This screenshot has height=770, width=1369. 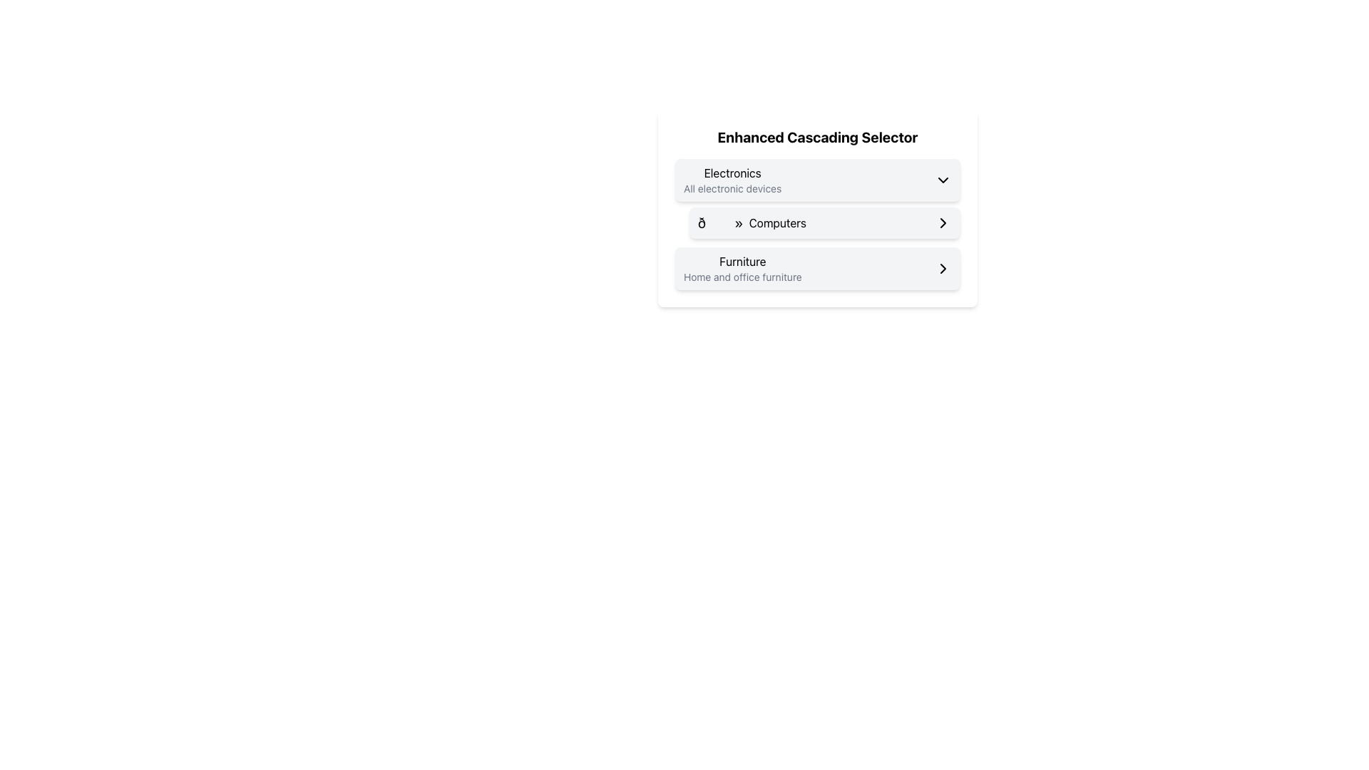 What do you see at coordinates (751, 222) in the screenshot?
I see `the Text label with an icon that contains an emoji-like symbol and the text 'Computers', located in the middle of the vertically-arranged list within the 'Enhanced Cascading Selector' box` at bounding box center [751, 222].